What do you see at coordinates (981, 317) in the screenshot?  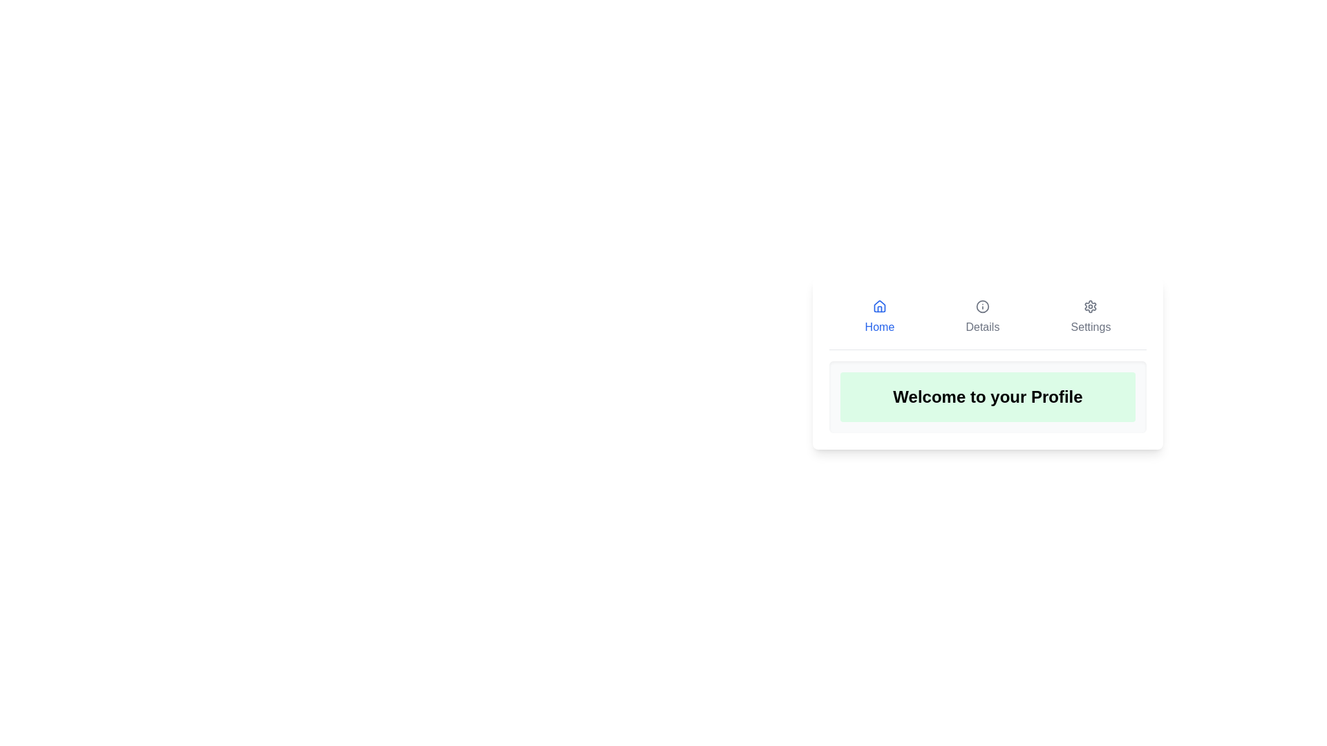 I see `the Details tab` at bounding box center [981, 317].